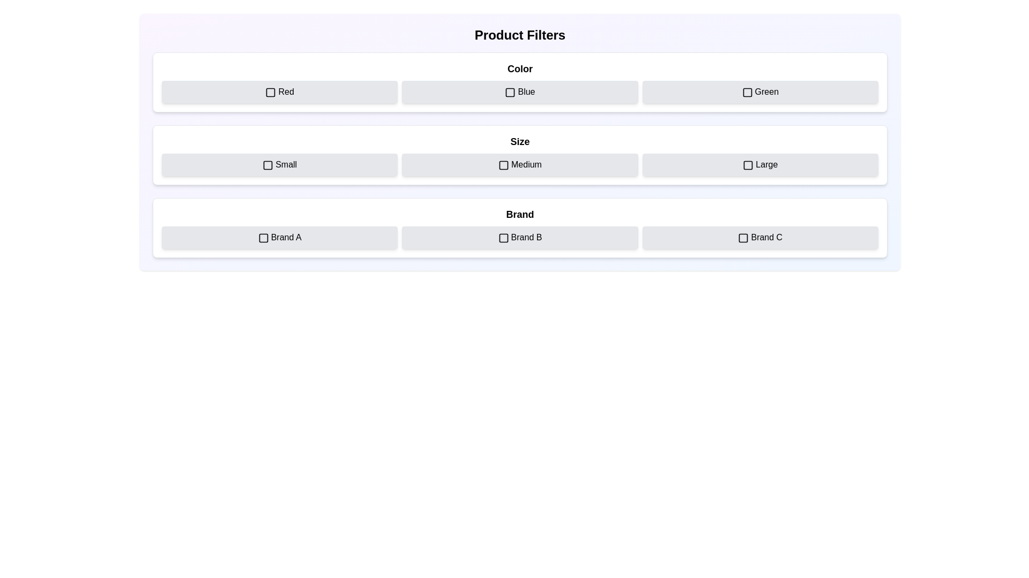 The width and height of the screenshot is (1029, 578). I want to click on the checkbox within the 'Blue' button, so click(510, 92).